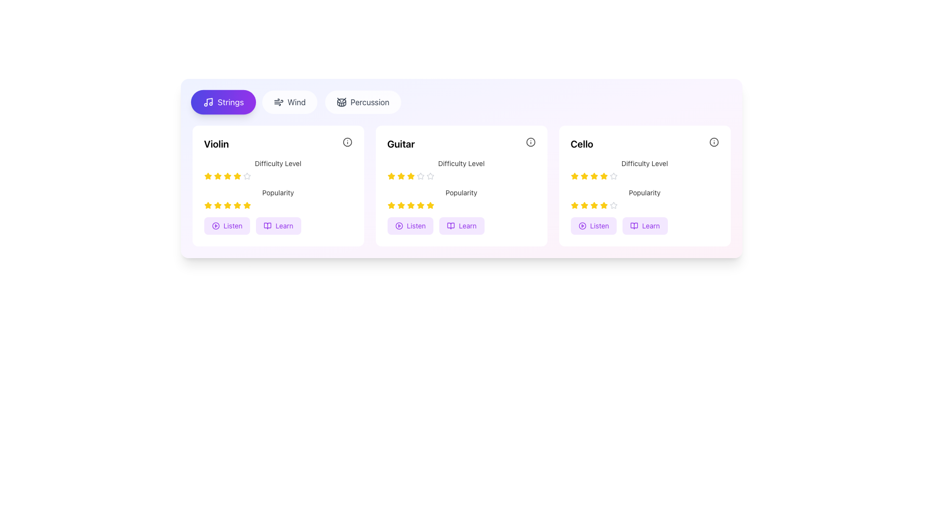  I want to click on the first star icon in the second row of the Guitar card, which is part of a rating system, so click(391, 205).